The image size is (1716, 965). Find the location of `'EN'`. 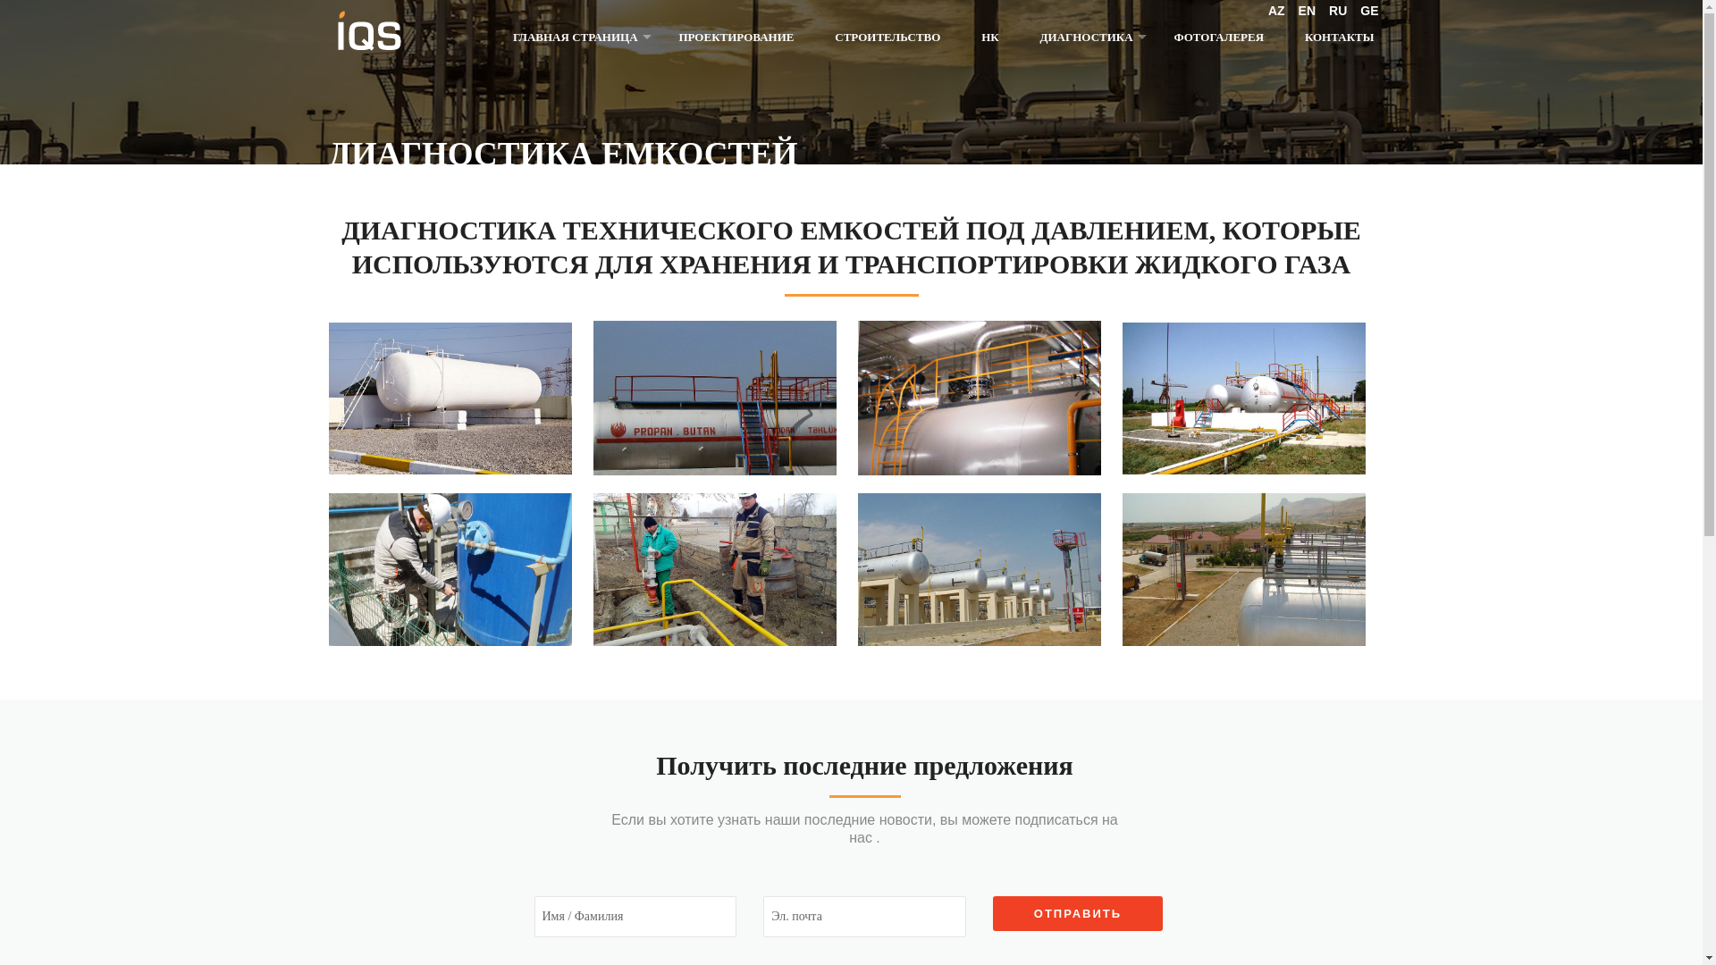

'EN' is located at coordinates (1307, 10).